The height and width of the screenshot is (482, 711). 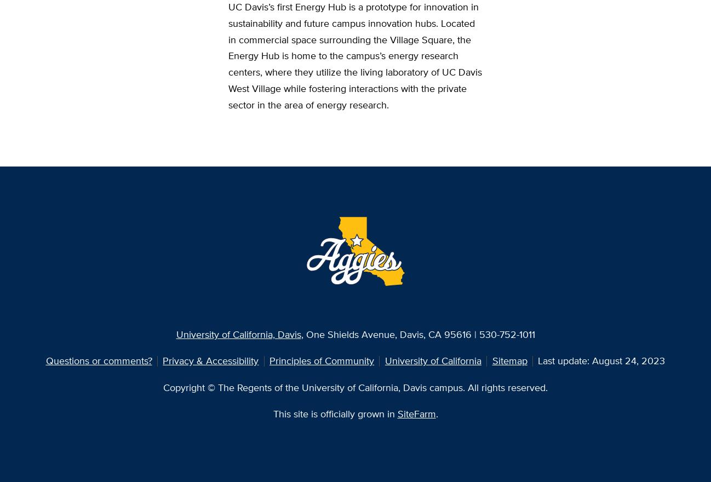 What do you see at coordinates (435, 412) in the screenshot?
I see `'.'` at bounding box center [435, 412].